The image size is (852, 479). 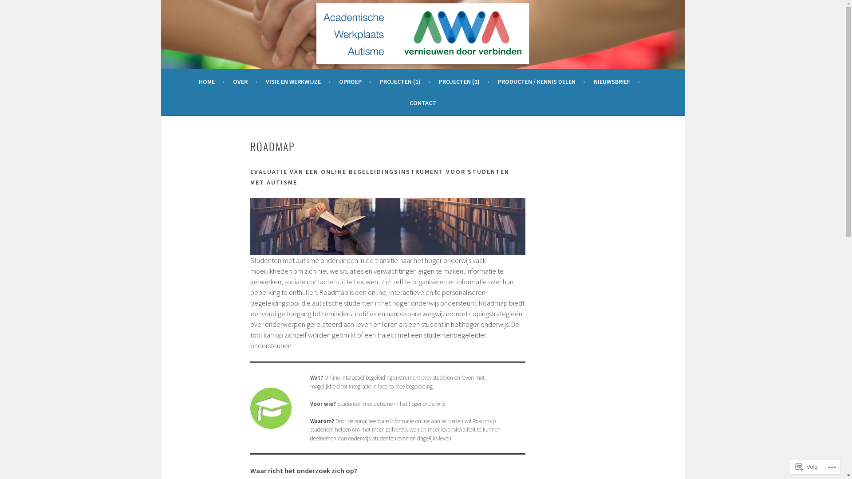 I want to click on 'VISIE EN WERKWIJZE', so click(x=298, y=82).